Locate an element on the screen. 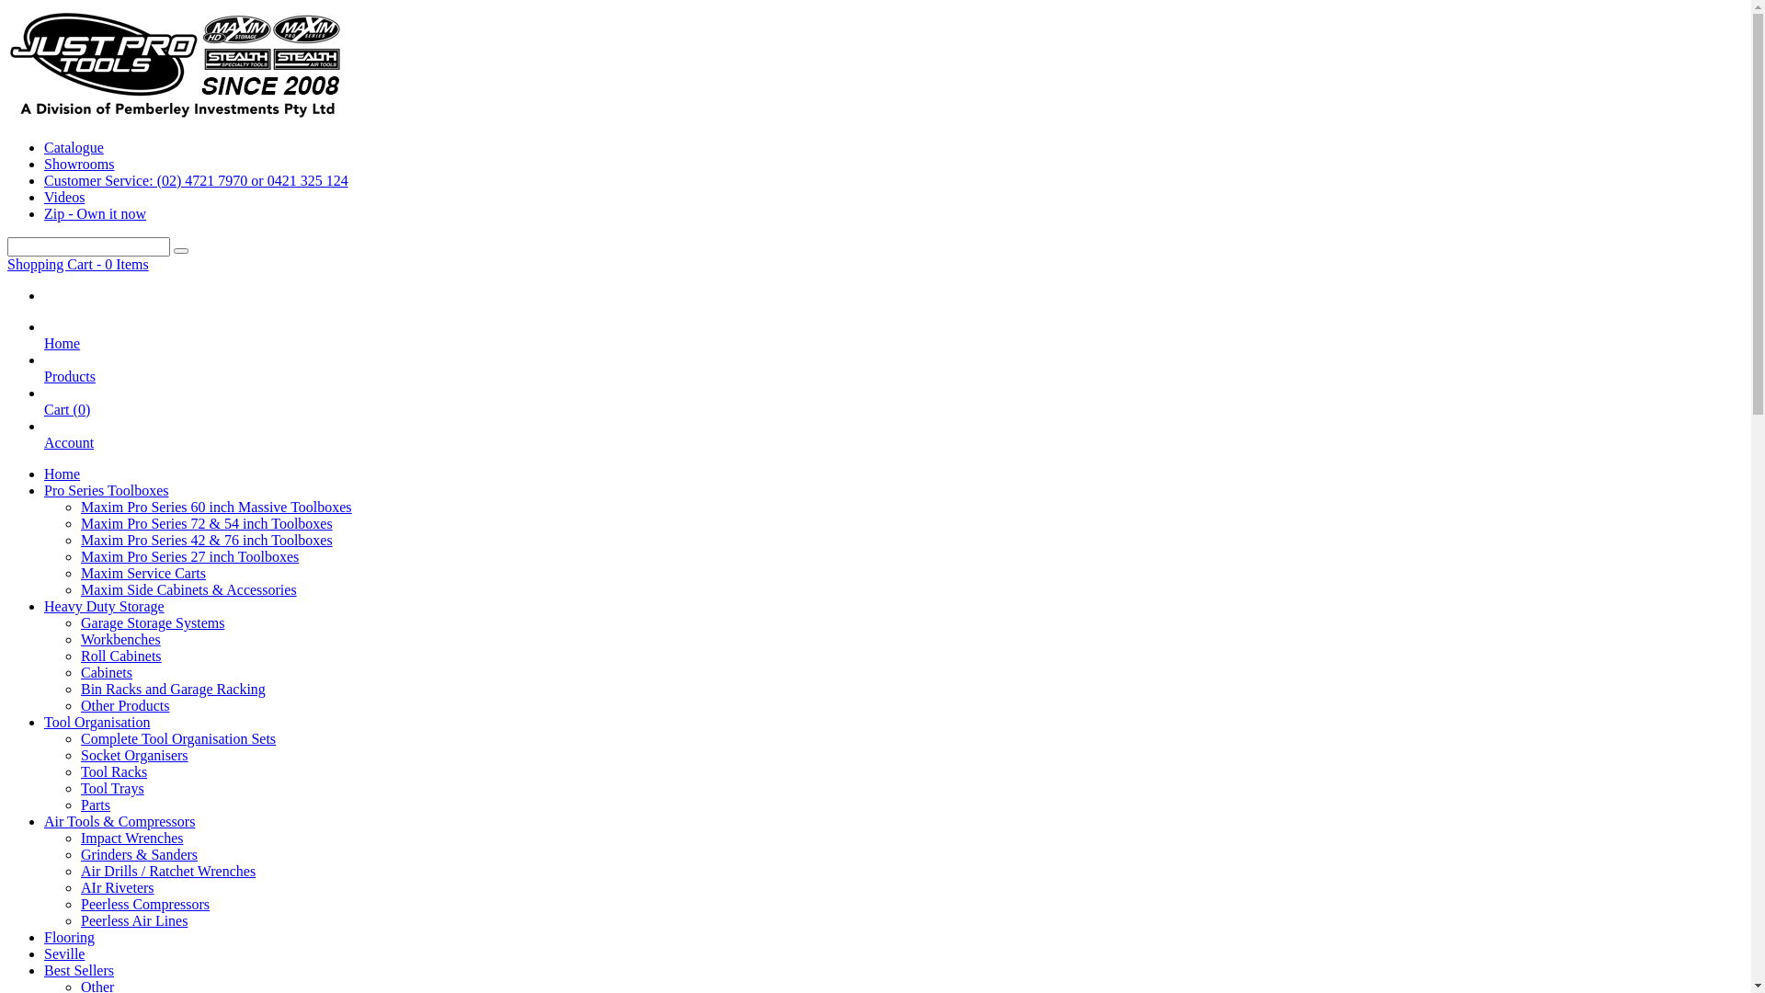 The image size is (1765, 993). 'Products' is located at coordinates (70, 383).